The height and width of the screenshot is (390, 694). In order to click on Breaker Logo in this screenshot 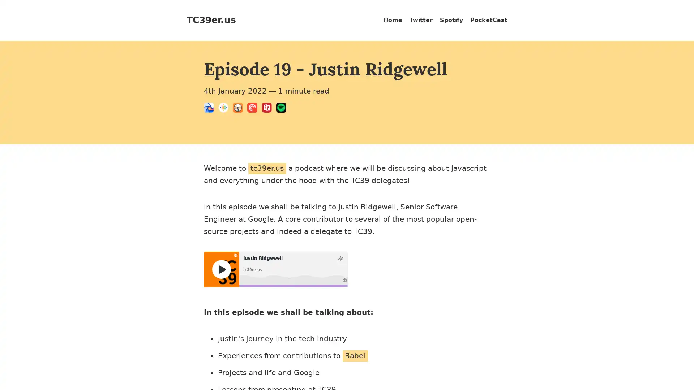, I will do `click(211, 109)`.